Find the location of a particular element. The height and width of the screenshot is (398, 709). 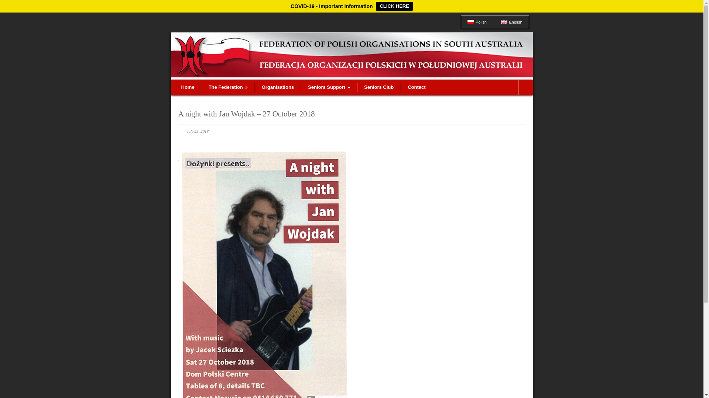

'CLICK HERE' is located at coordinates (394, 6).